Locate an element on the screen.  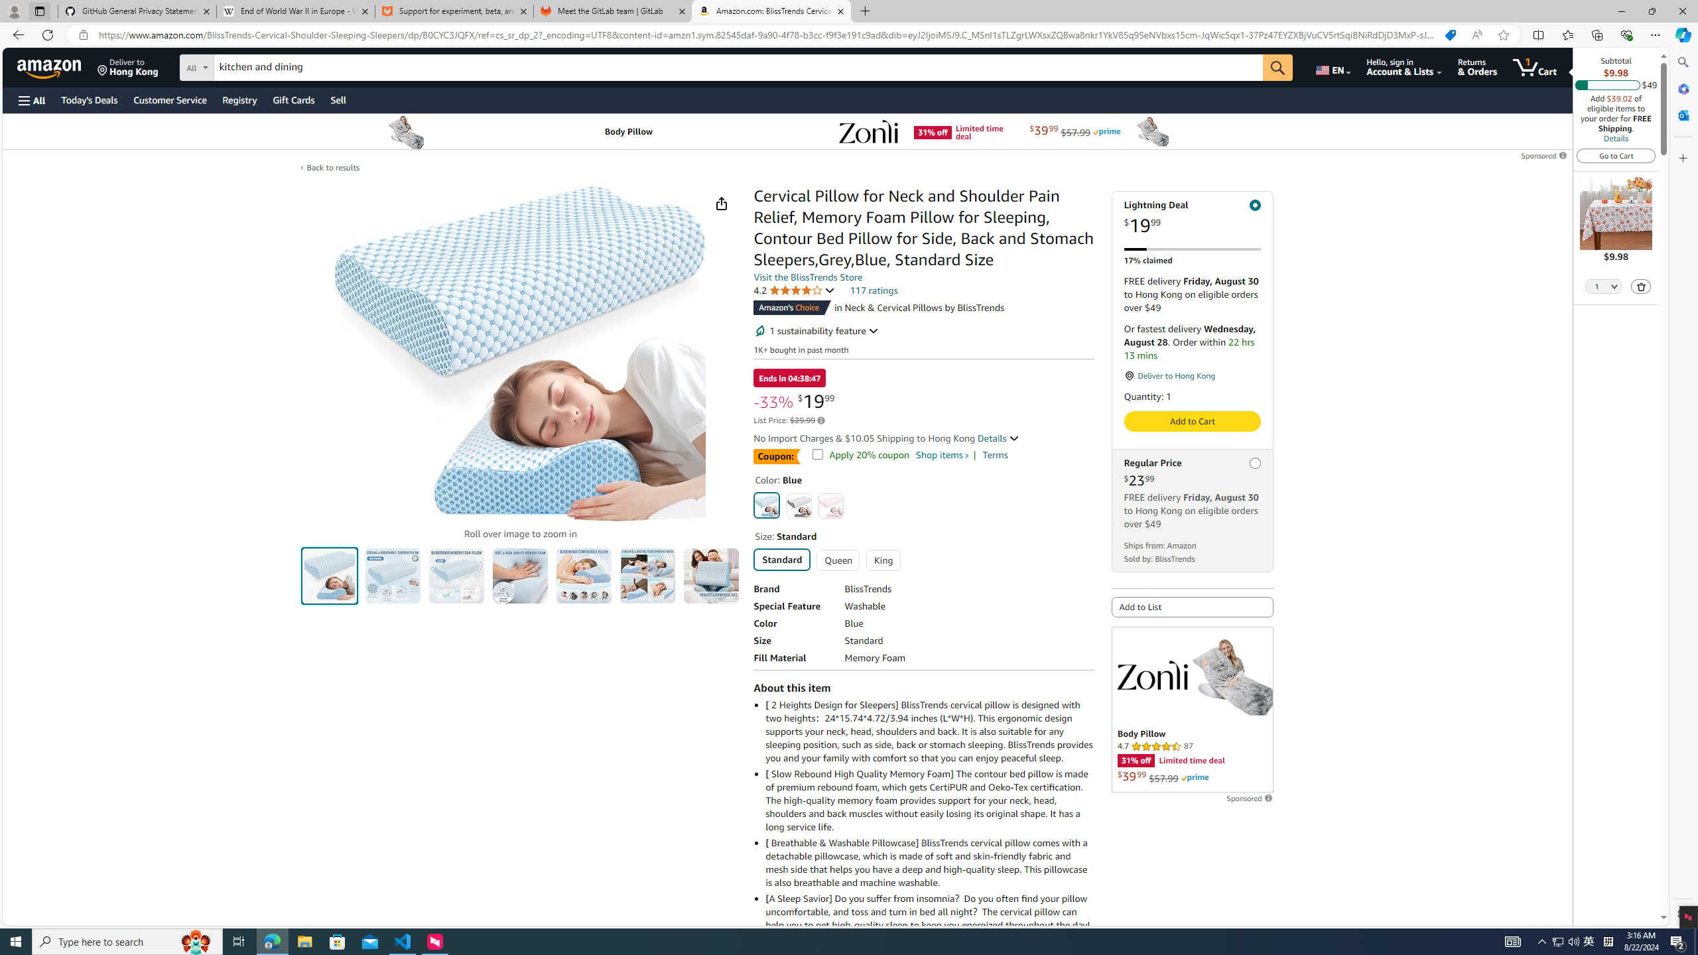
'Terms' is located at coordinates (995, 454).